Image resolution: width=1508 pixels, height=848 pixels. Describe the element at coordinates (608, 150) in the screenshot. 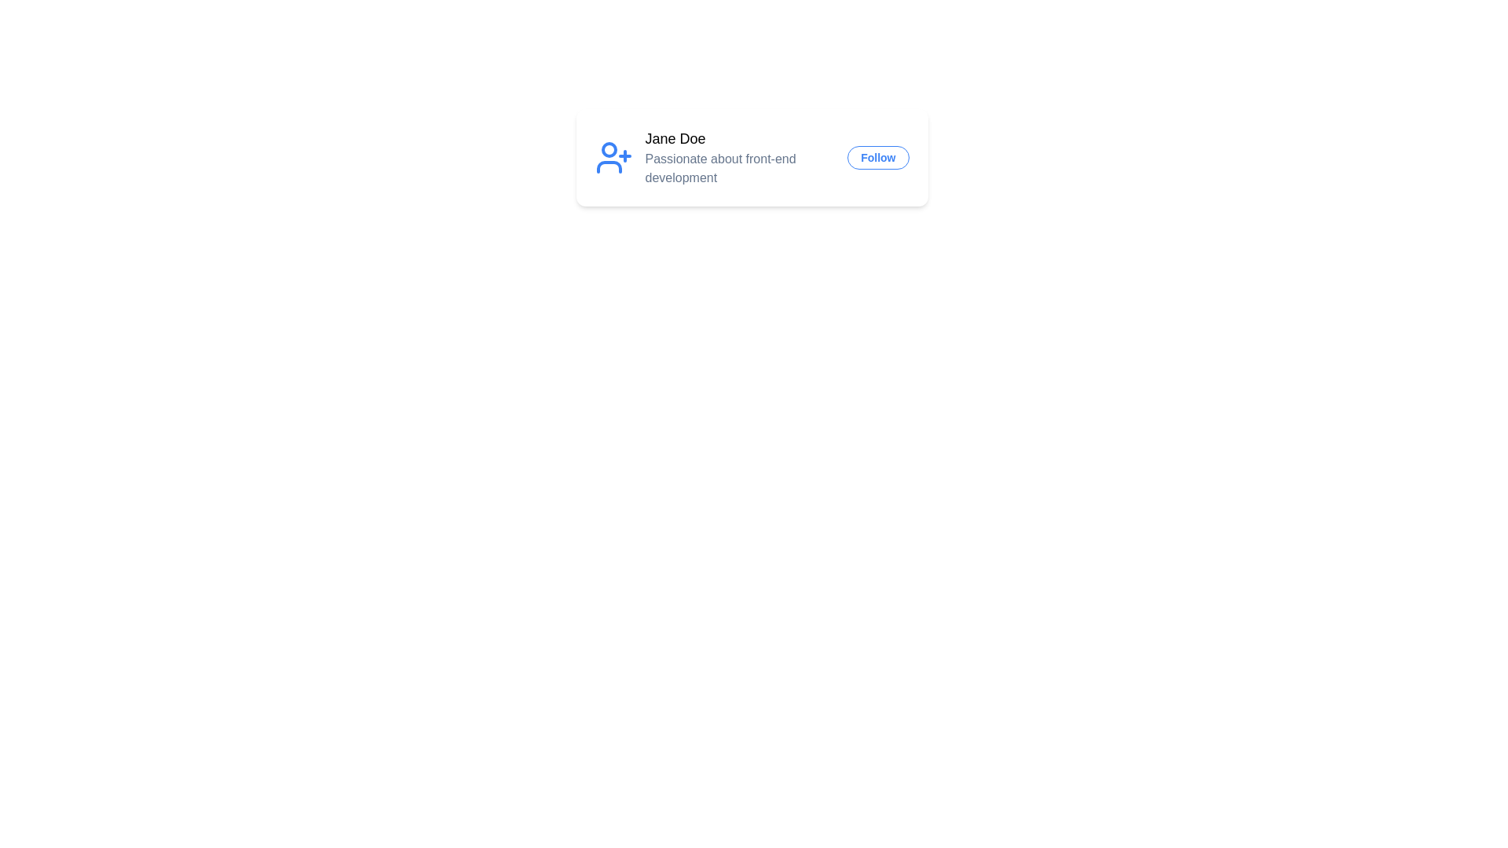

I see `the decorative circle graphical element within the SVG located on the left side of the user information card` at that location.